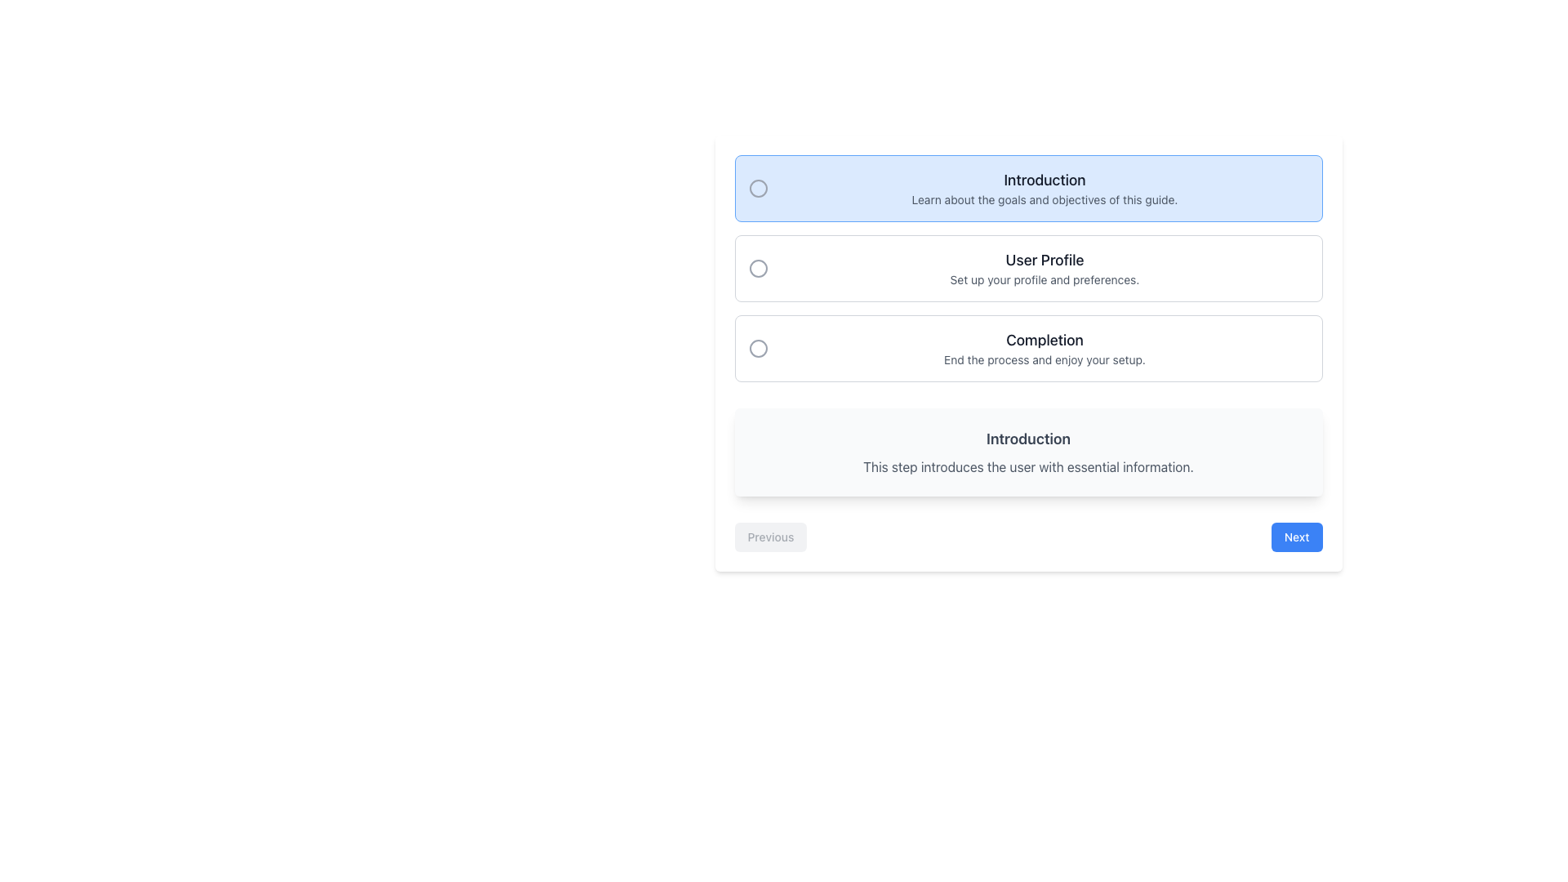 This screenshot has width=1568, height=882. I want to click on the textual description block at the top of the vertically ordered list, which serves as a selectable option within the user guide, so click(1044, 188).